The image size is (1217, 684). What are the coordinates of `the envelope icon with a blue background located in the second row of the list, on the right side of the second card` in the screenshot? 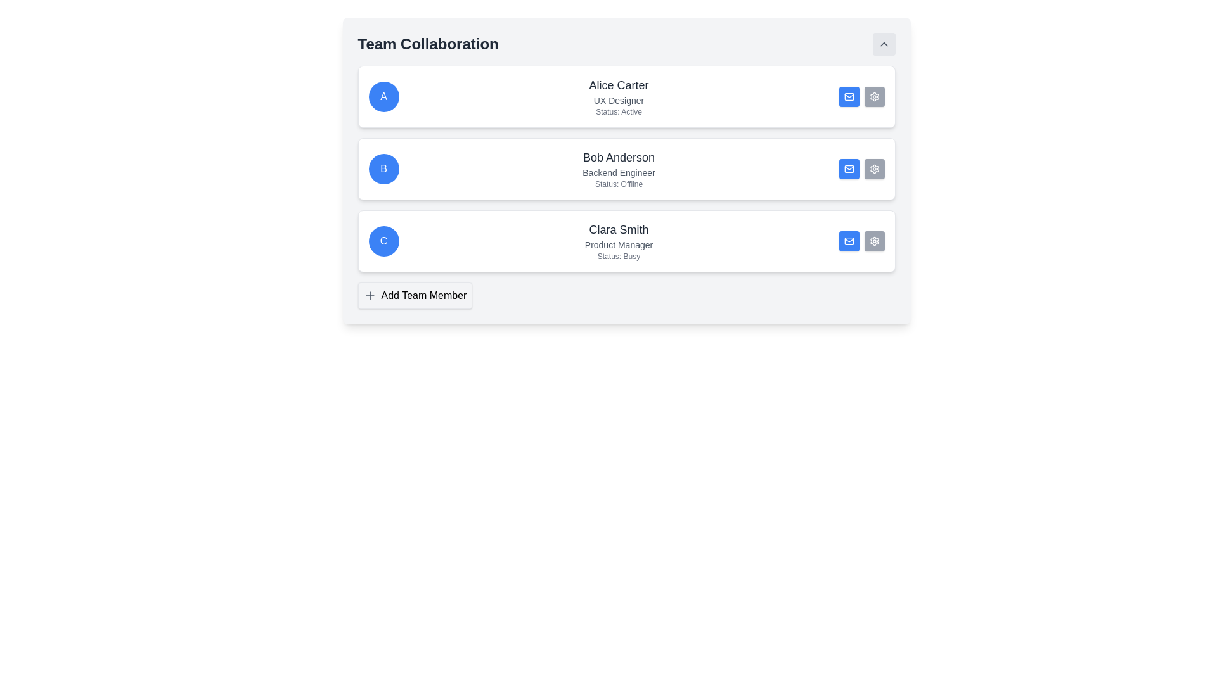 It's located at (849, 168).